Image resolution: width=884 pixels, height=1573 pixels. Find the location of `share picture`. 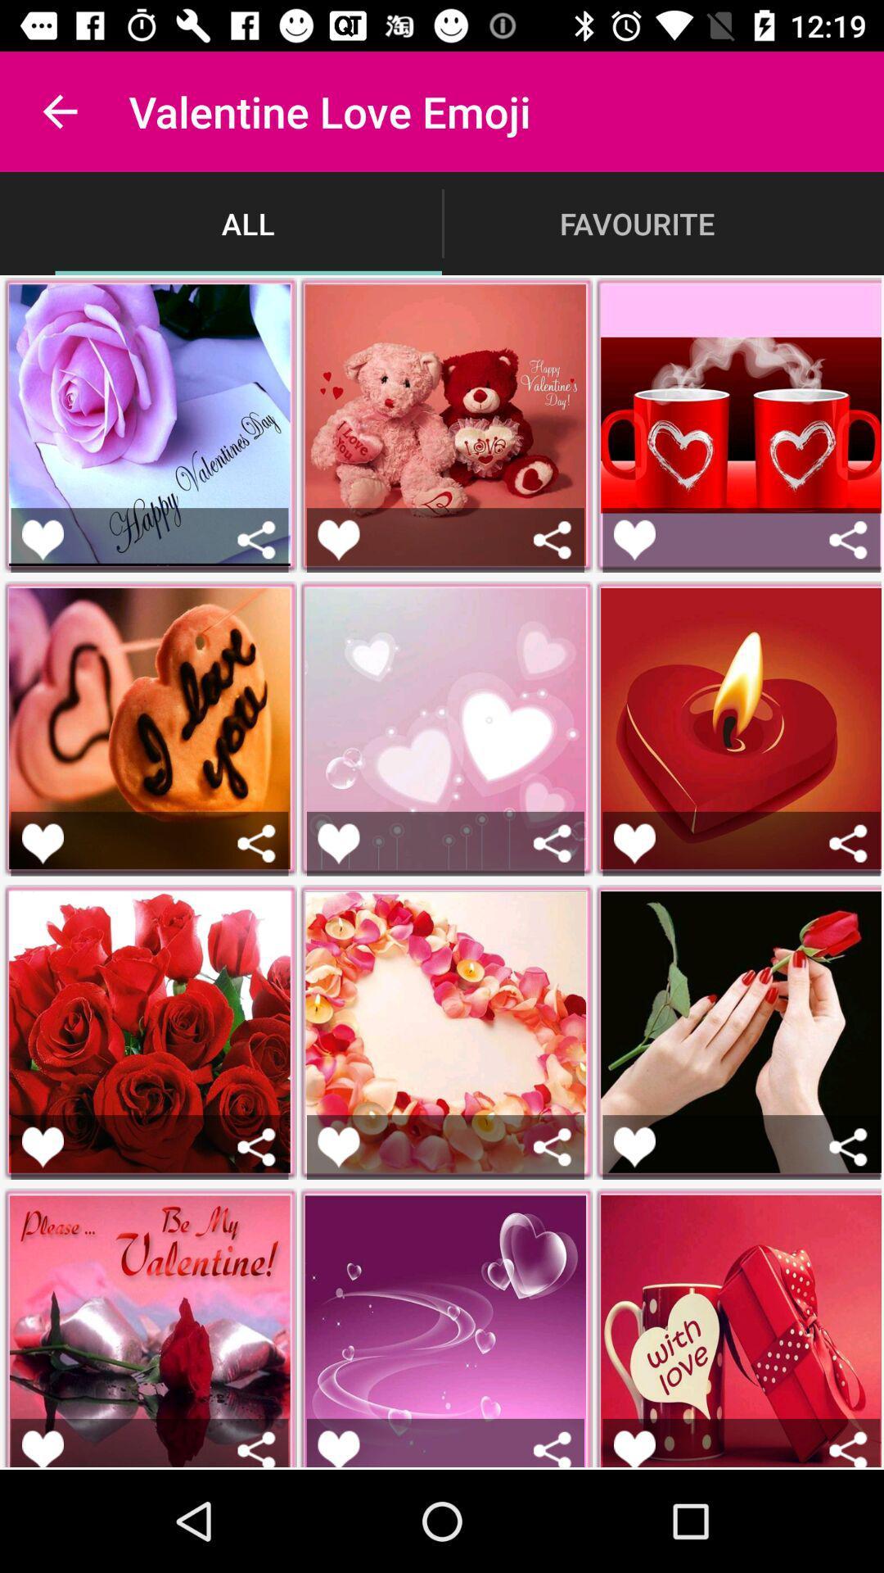

share picture is located at coordinates (256, 1146).